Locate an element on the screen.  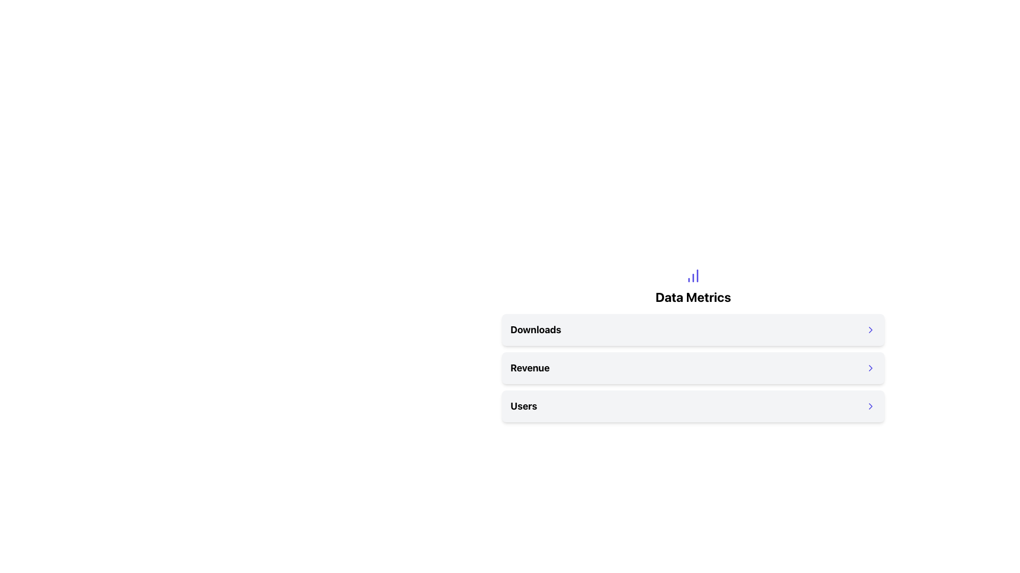
text label 'Downloads', which is styled prominently in bold and larger size, located in the top row of a vertically stacked list of items is located at coordinates (535, 329).